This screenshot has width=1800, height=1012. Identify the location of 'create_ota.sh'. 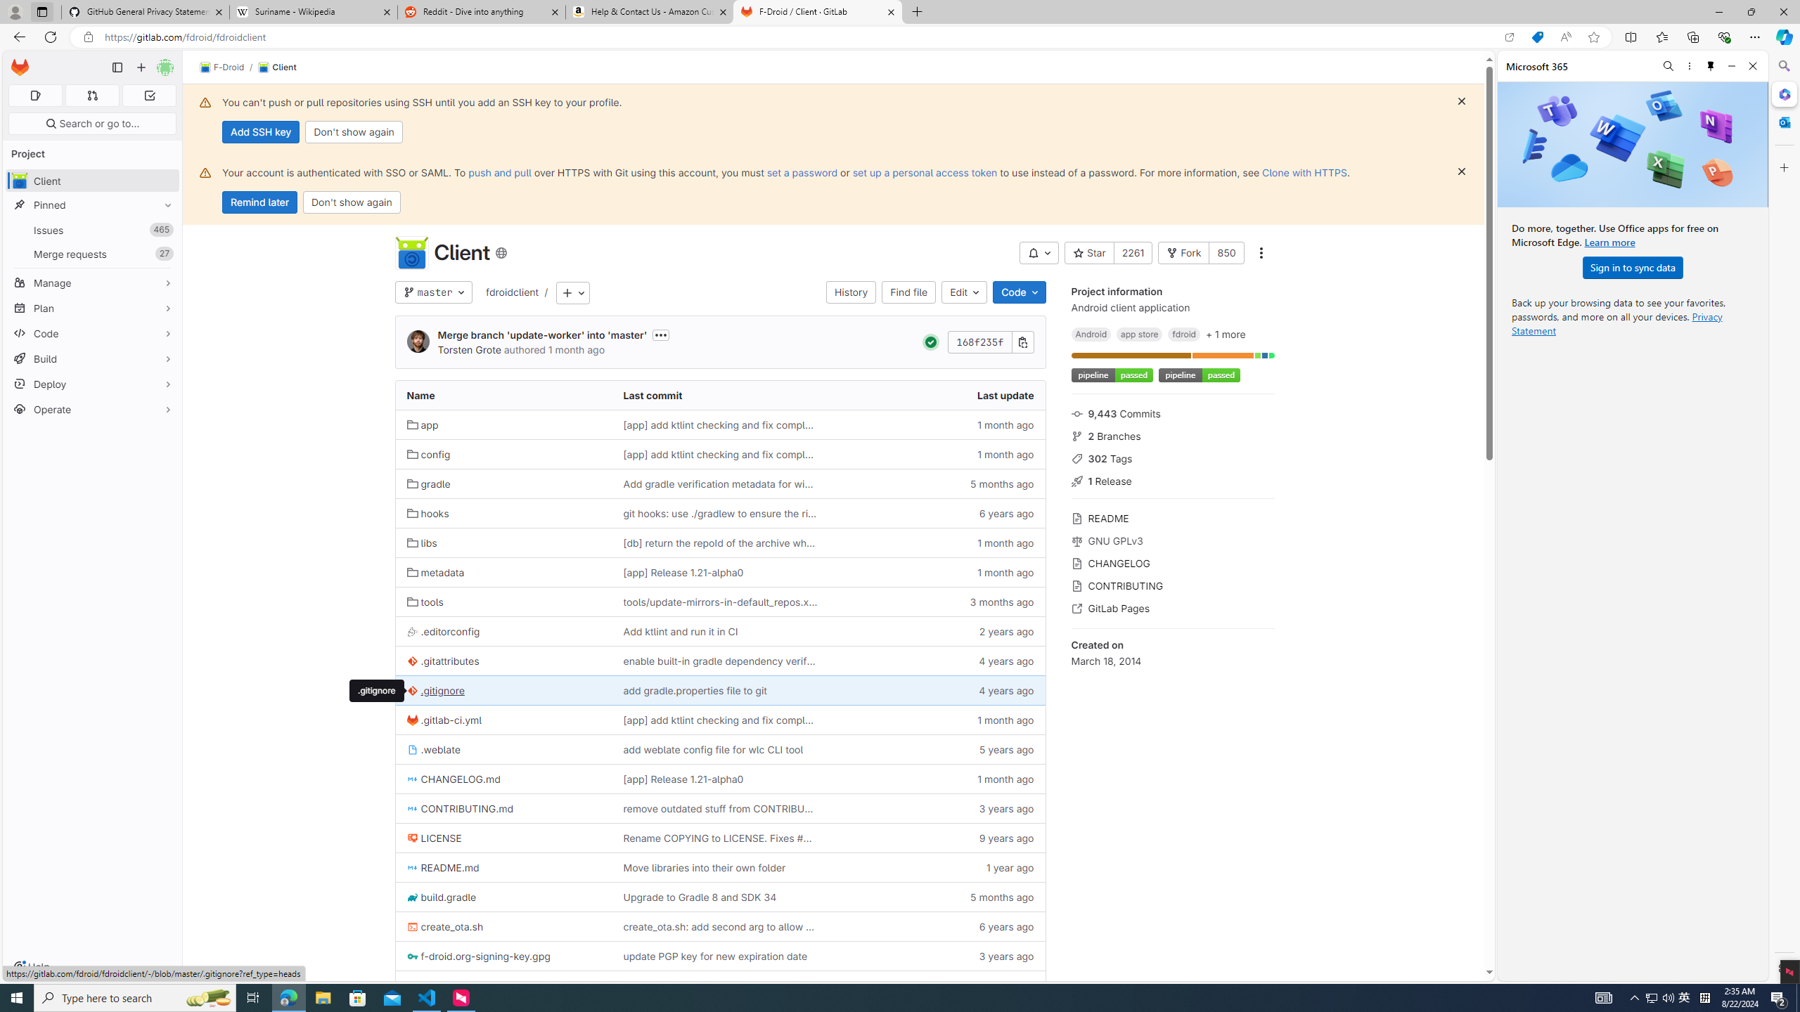
(444, 926).